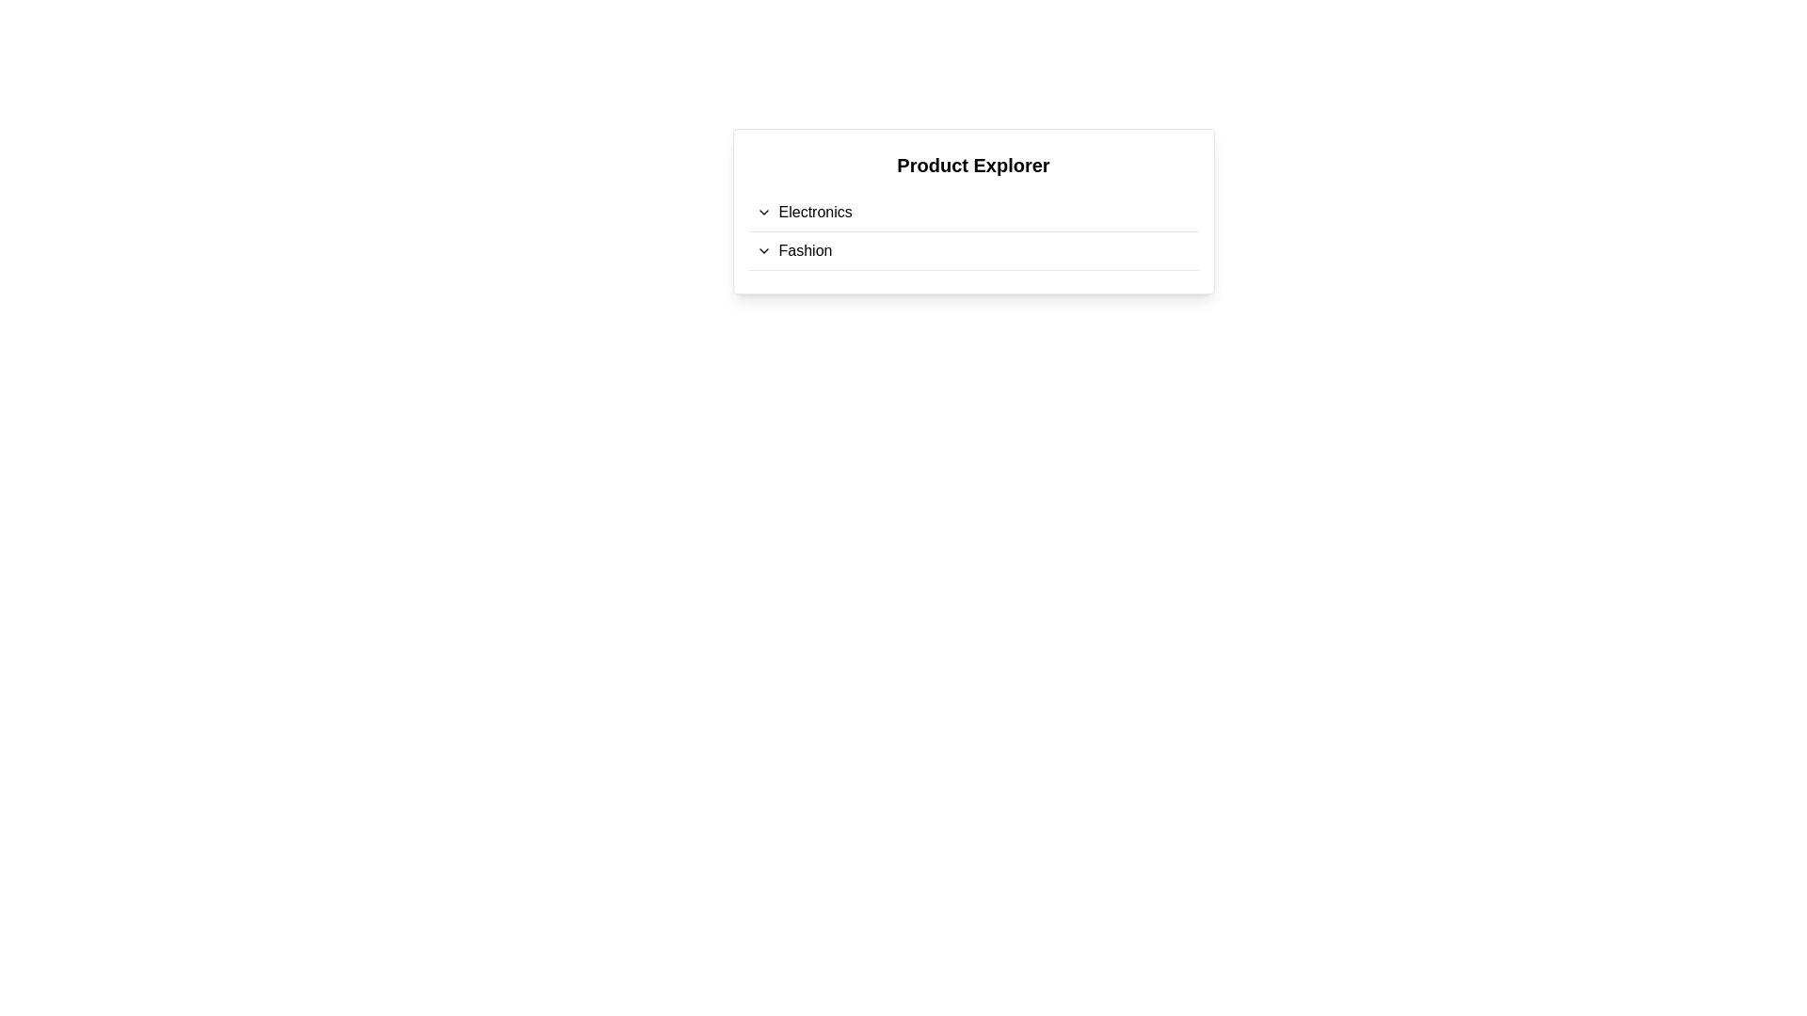 The width and height of the screenshot is (1807, 1016). What do you see at coordinates (815, 212) in the screenshot?
I see `text content of the 'Electronics' label within the product explorer menu, which is positioned above the 'Fashion' menu item` at bounding box center [815, 212].